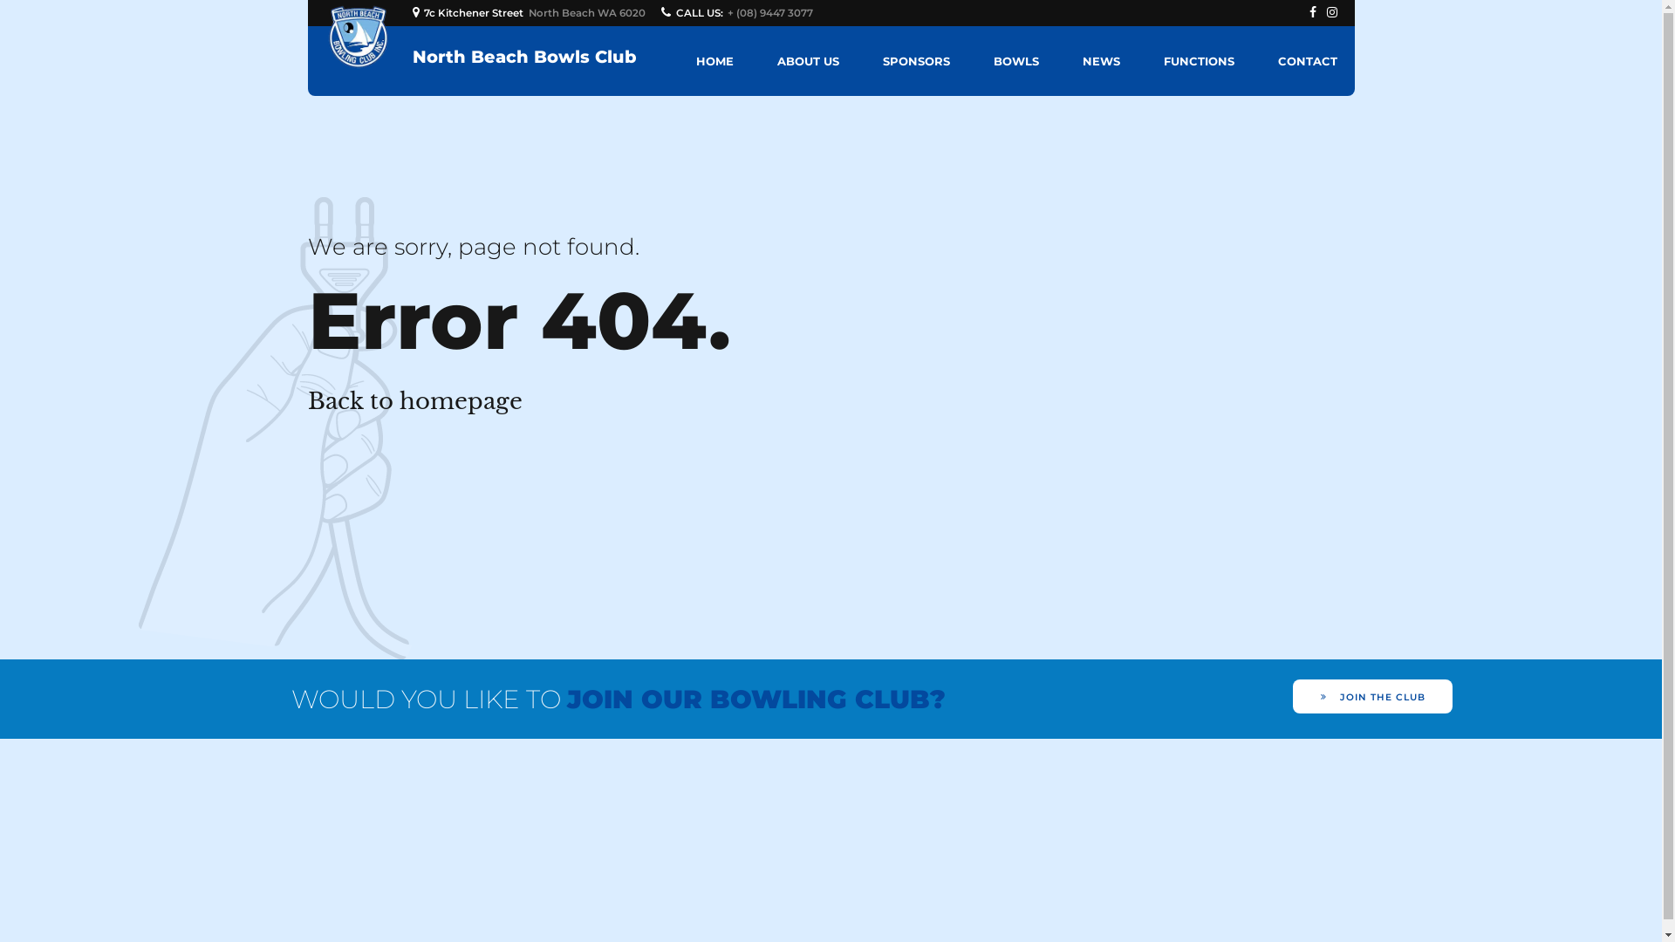 This screenshot has width=1675, height=942. What do you see at coordinates (1099, 59) in the screenshot?
I see `'NEWS'` at bounding box center [1099, 59].